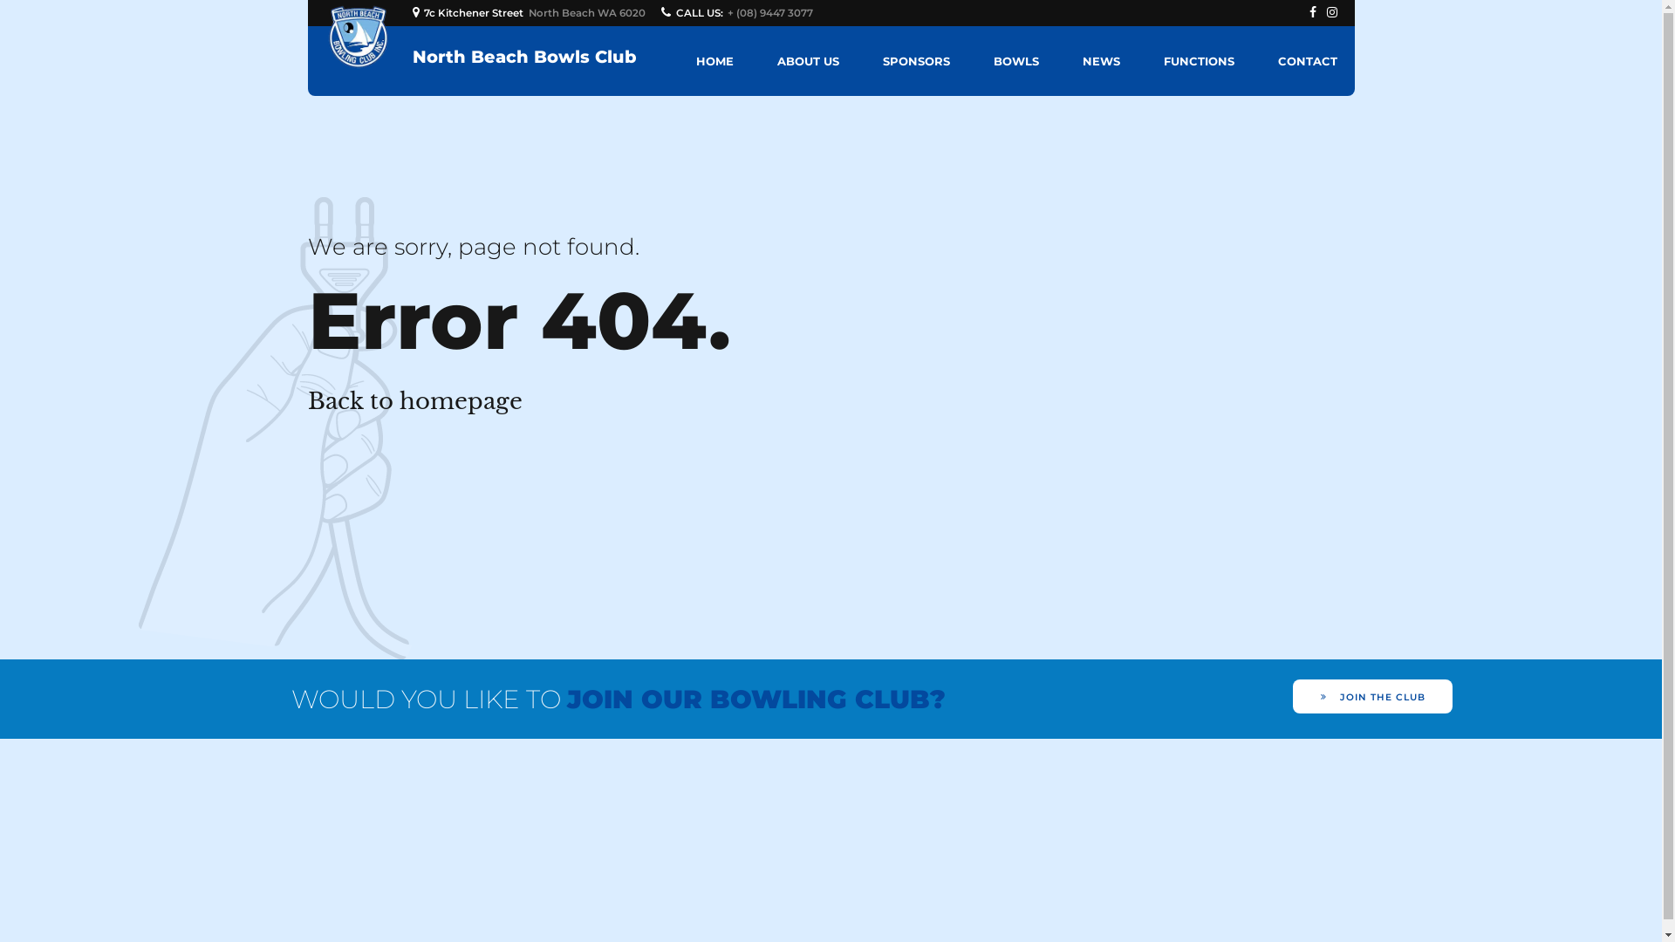 This screenshot has width=1675, height=942. What do you see at coordinates (1099, 59) in the screenshot?
I see `'NEWS'` at bounding box center [1099, 59].